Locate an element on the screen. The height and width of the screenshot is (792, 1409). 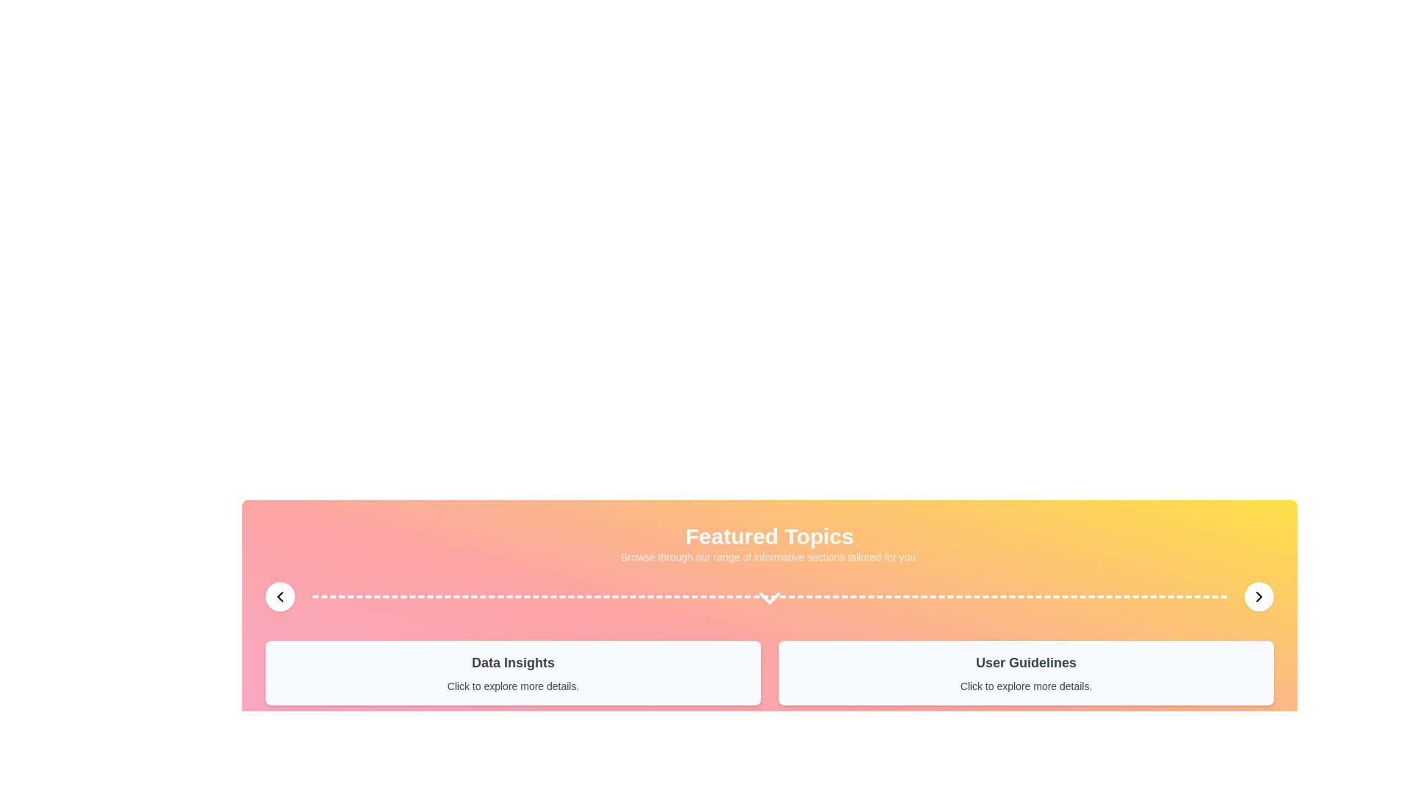
the Chevron icon located on the far-right side of the rounded button is located at coordinates (1259, 596).